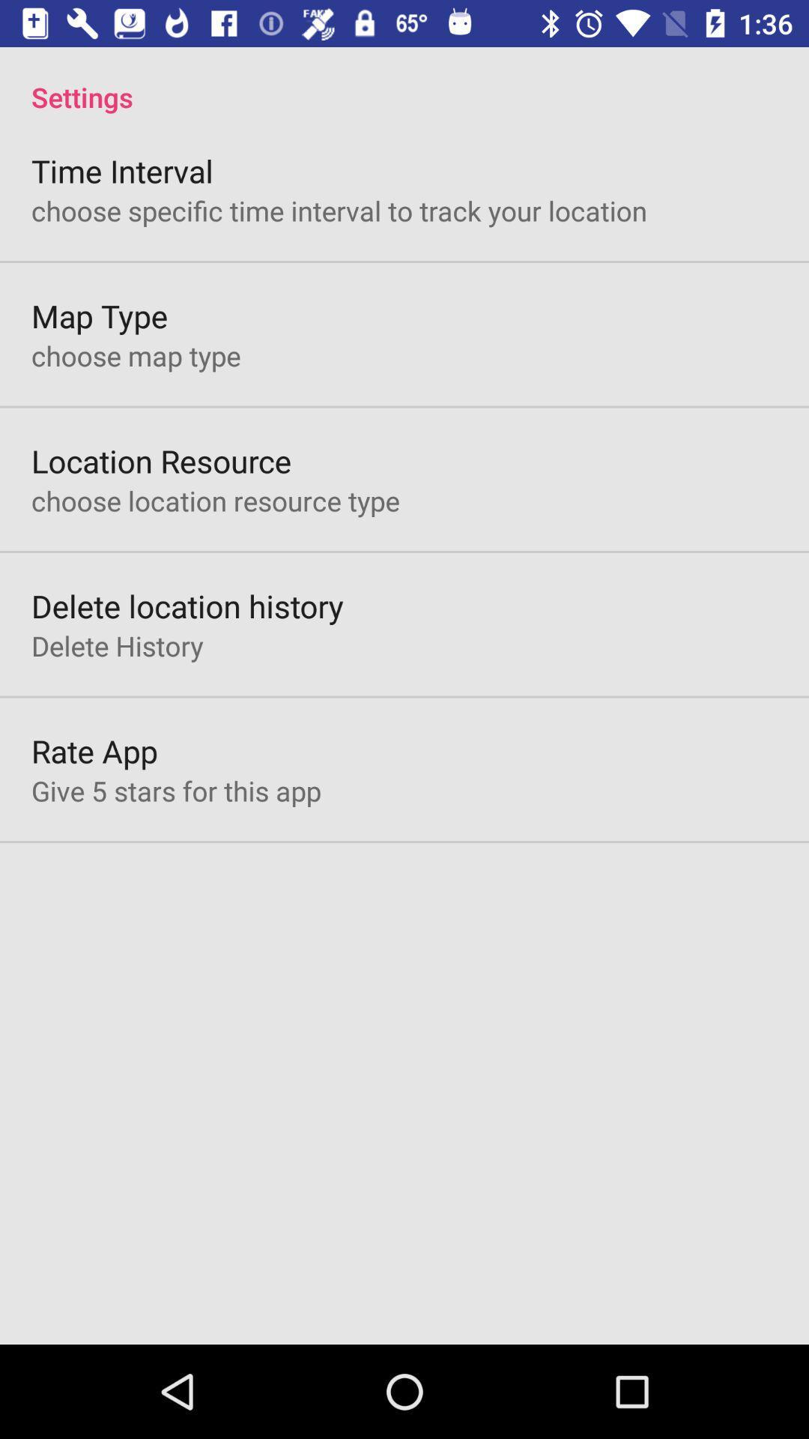 This screenshot has width=809, height=1439. I want to click on the icon above give 5 stars, so click(94, 751).